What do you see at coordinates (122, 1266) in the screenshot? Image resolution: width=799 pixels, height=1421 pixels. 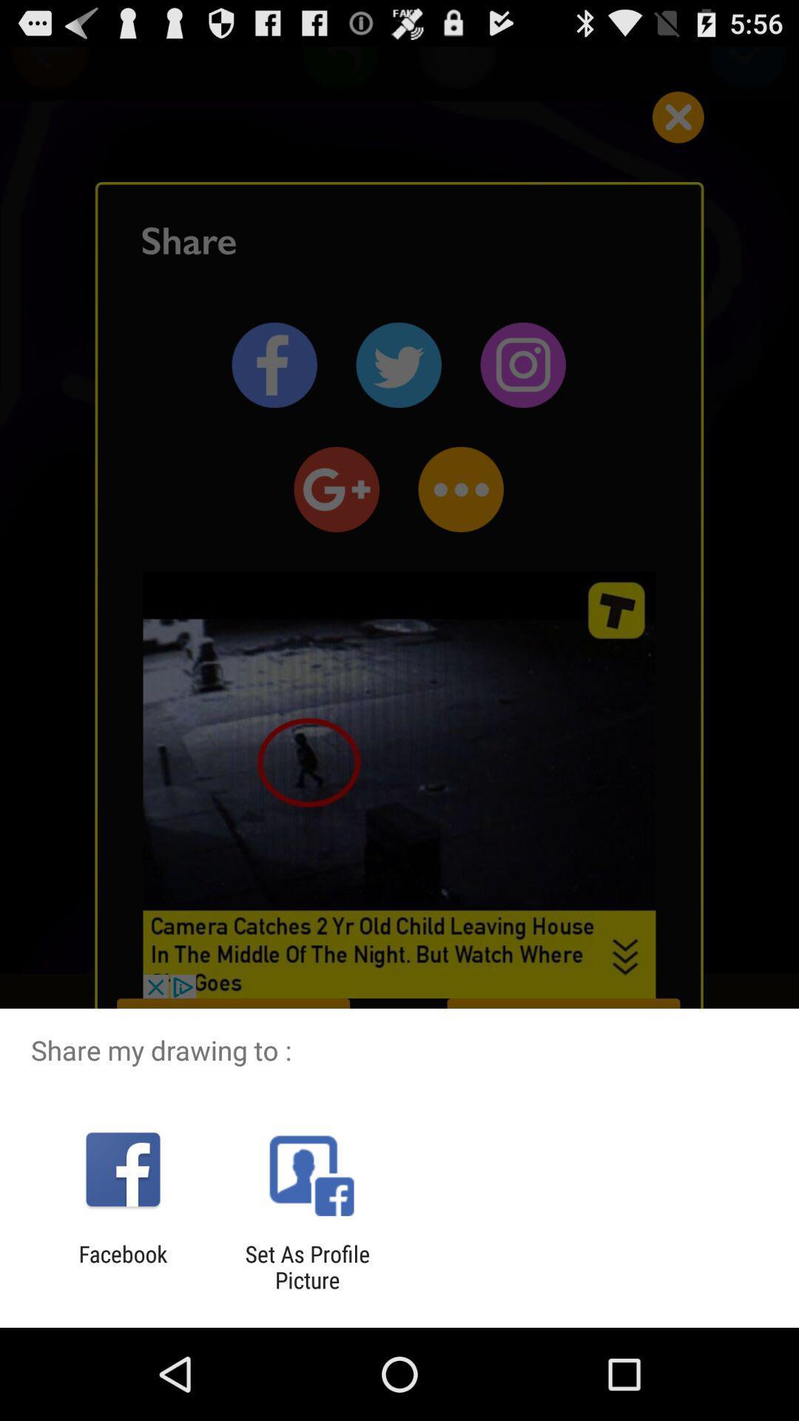 I see `the app to the left of the set as profile item` at bounding box center [122, 1266].